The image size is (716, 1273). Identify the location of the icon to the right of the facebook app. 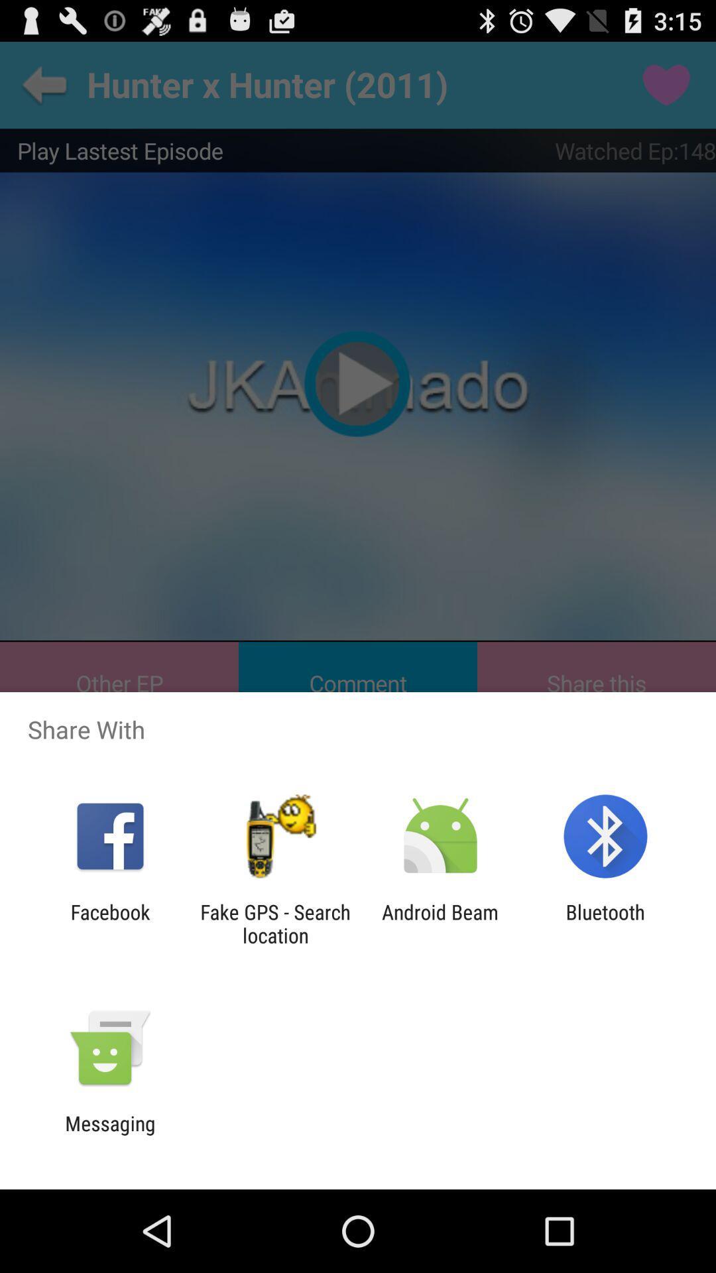
(274, 923).